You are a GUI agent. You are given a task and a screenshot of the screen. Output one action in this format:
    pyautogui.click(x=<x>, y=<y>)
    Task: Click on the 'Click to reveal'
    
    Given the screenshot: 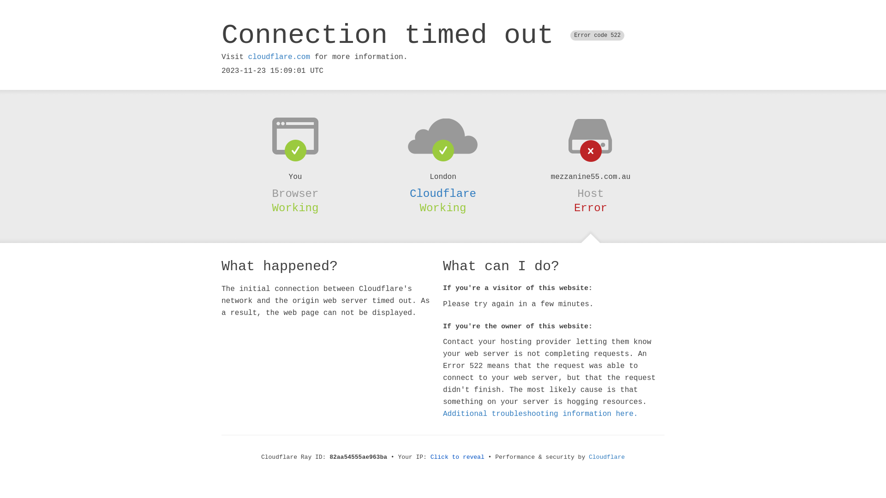 What is the action you would take?
    pyautogui.click(x=457, y=457)
    